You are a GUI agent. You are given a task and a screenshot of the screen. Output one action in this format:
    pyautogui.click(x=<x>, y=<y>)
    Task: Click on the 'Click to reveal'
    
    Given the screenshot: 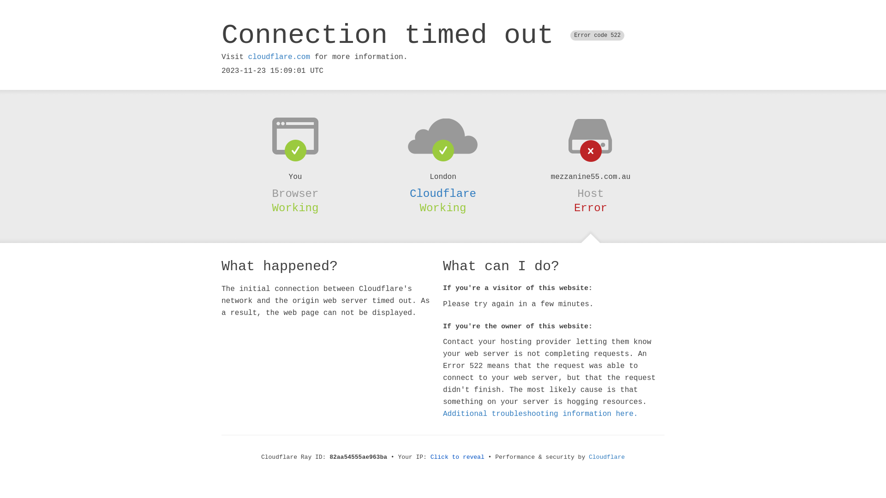 What is the action you would take?
    pyautogui.click(x=457, y=457)
    